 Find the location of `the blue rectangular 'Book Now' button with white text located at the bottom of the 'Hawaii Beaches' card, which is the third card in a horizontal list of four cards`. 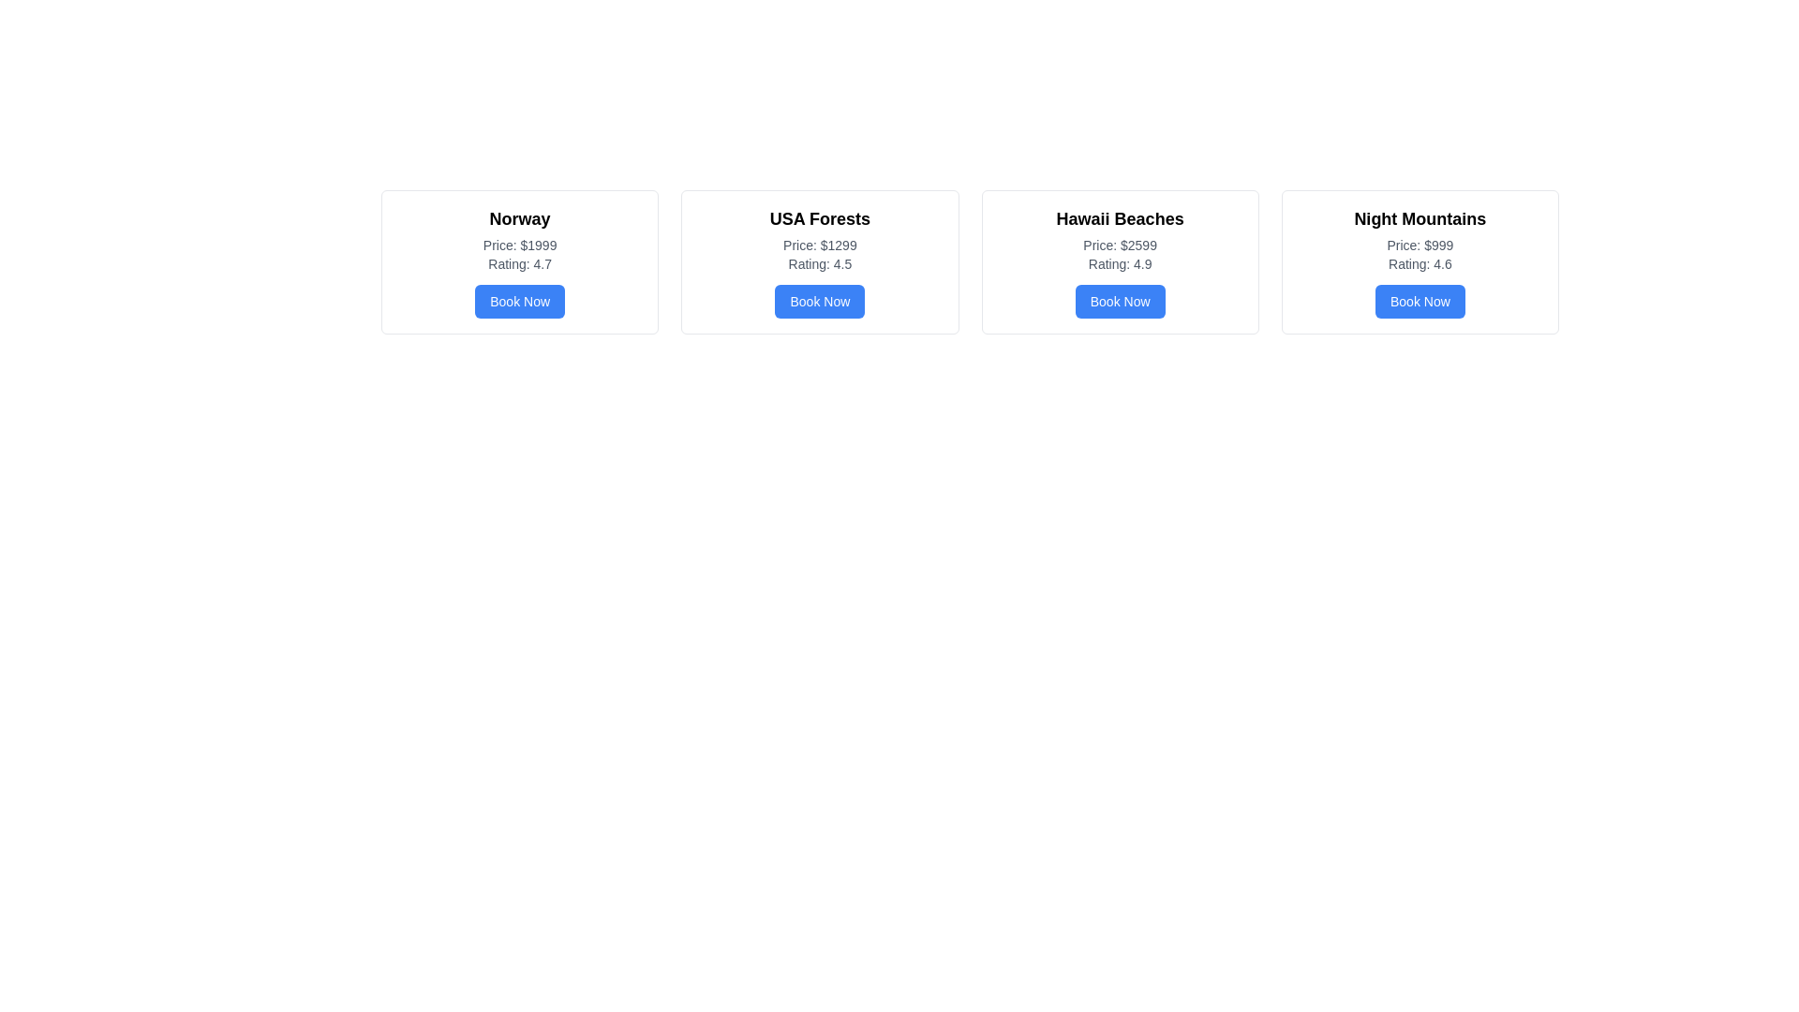

the blue rectangular 'Book Now' button with white text located at the bottom of the 'Hawaii Beaches' card, which is the third card in a horizontal list of four cards is located at coordinates (1120, 300).